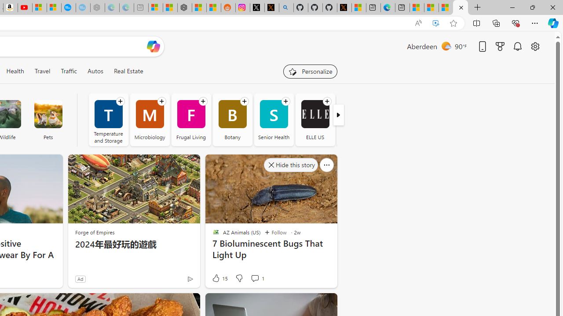  Describe the element at coordinates (213, 7) in the screenshot. I see `'Shanghai, China Weather trends | Microsoft Weather'` at that location.